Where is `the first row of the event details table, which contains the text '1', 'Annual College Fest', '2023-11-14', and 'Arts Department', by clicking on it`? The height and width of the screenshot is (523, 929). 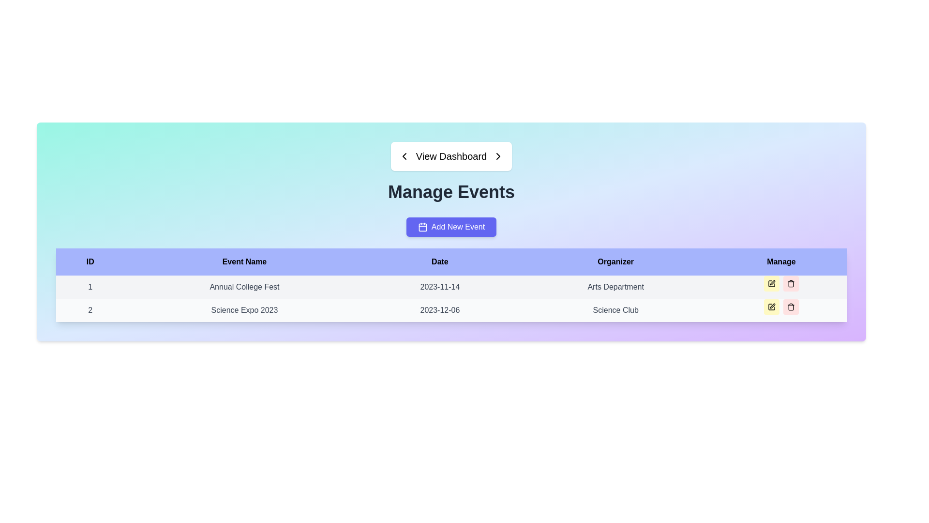 the first row of the event details table, which contains the text '1', 'Annual College Fest', '2023-11-14', and 'Arts Department', by clicking on it is located at coordinates (450, 287).